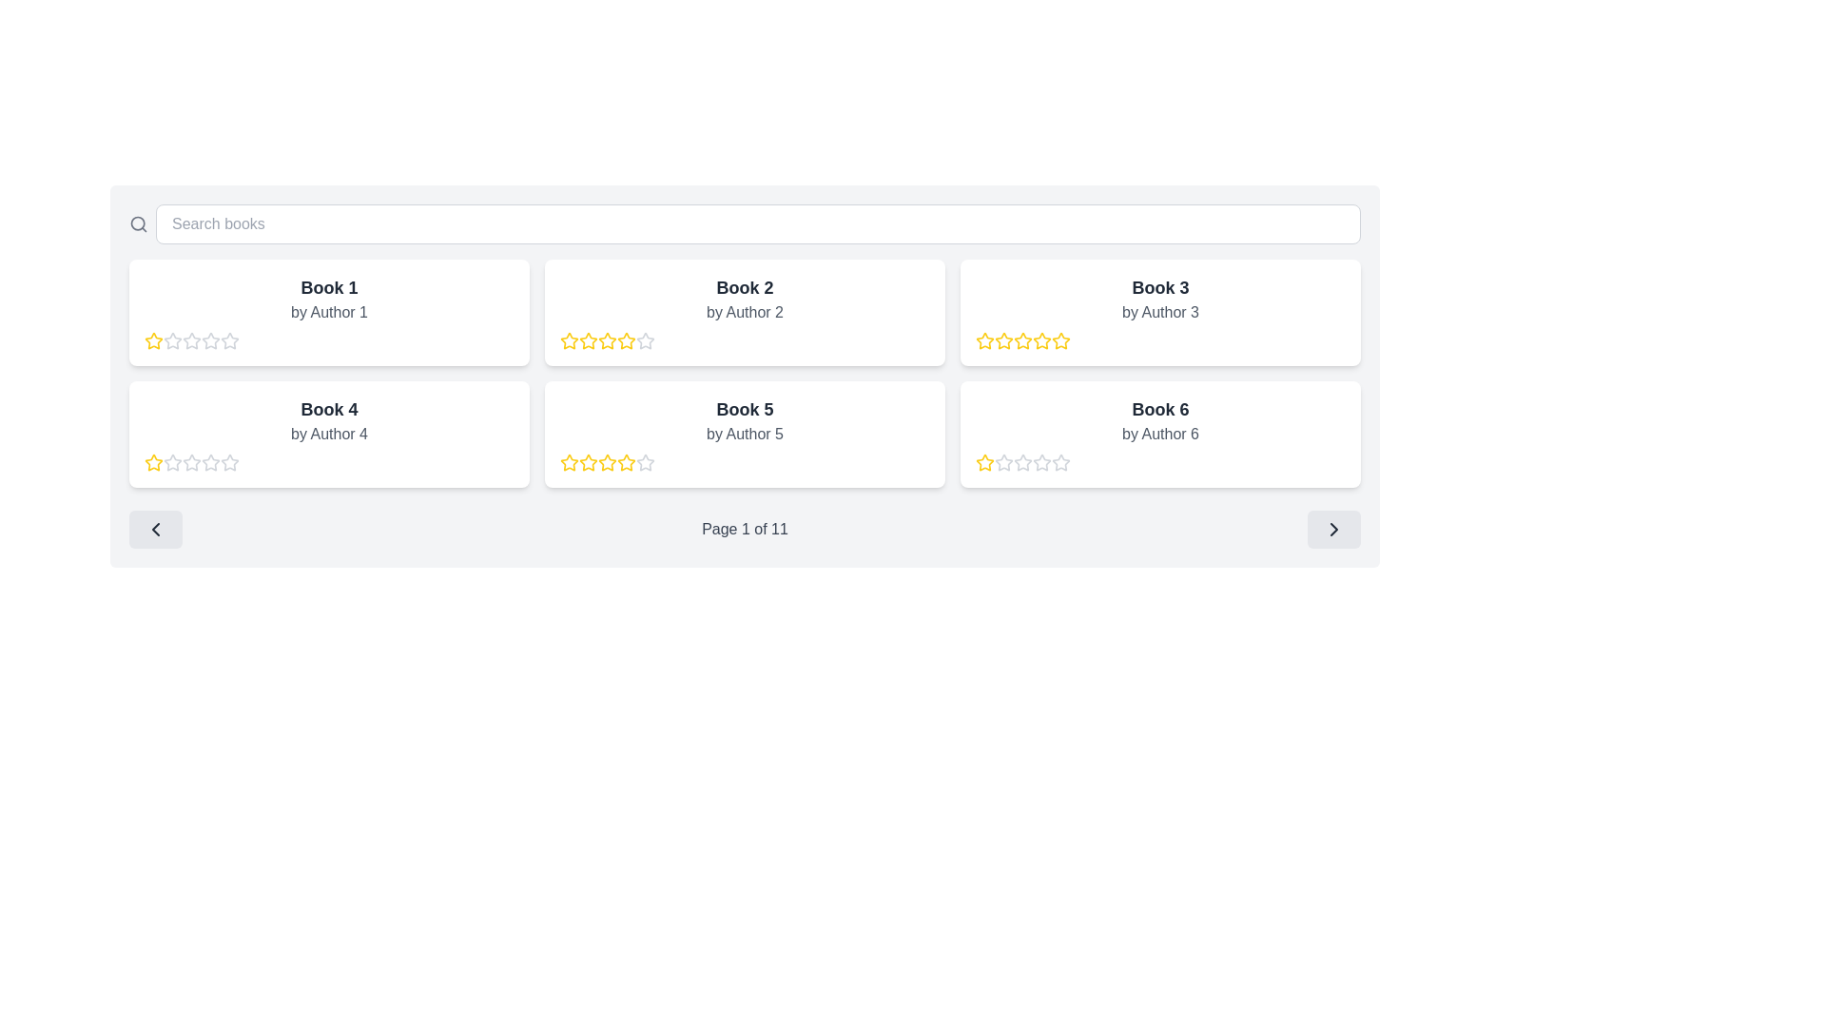 The width and height of the screenshot is (1826, 1027). What do you see at coordinates (1060, 462) in the screenshot?
I see `third interactive rating star icon for the book 'Book 6', which is part of a horizontal group of rating icons` at bounding box center [1060, 462].